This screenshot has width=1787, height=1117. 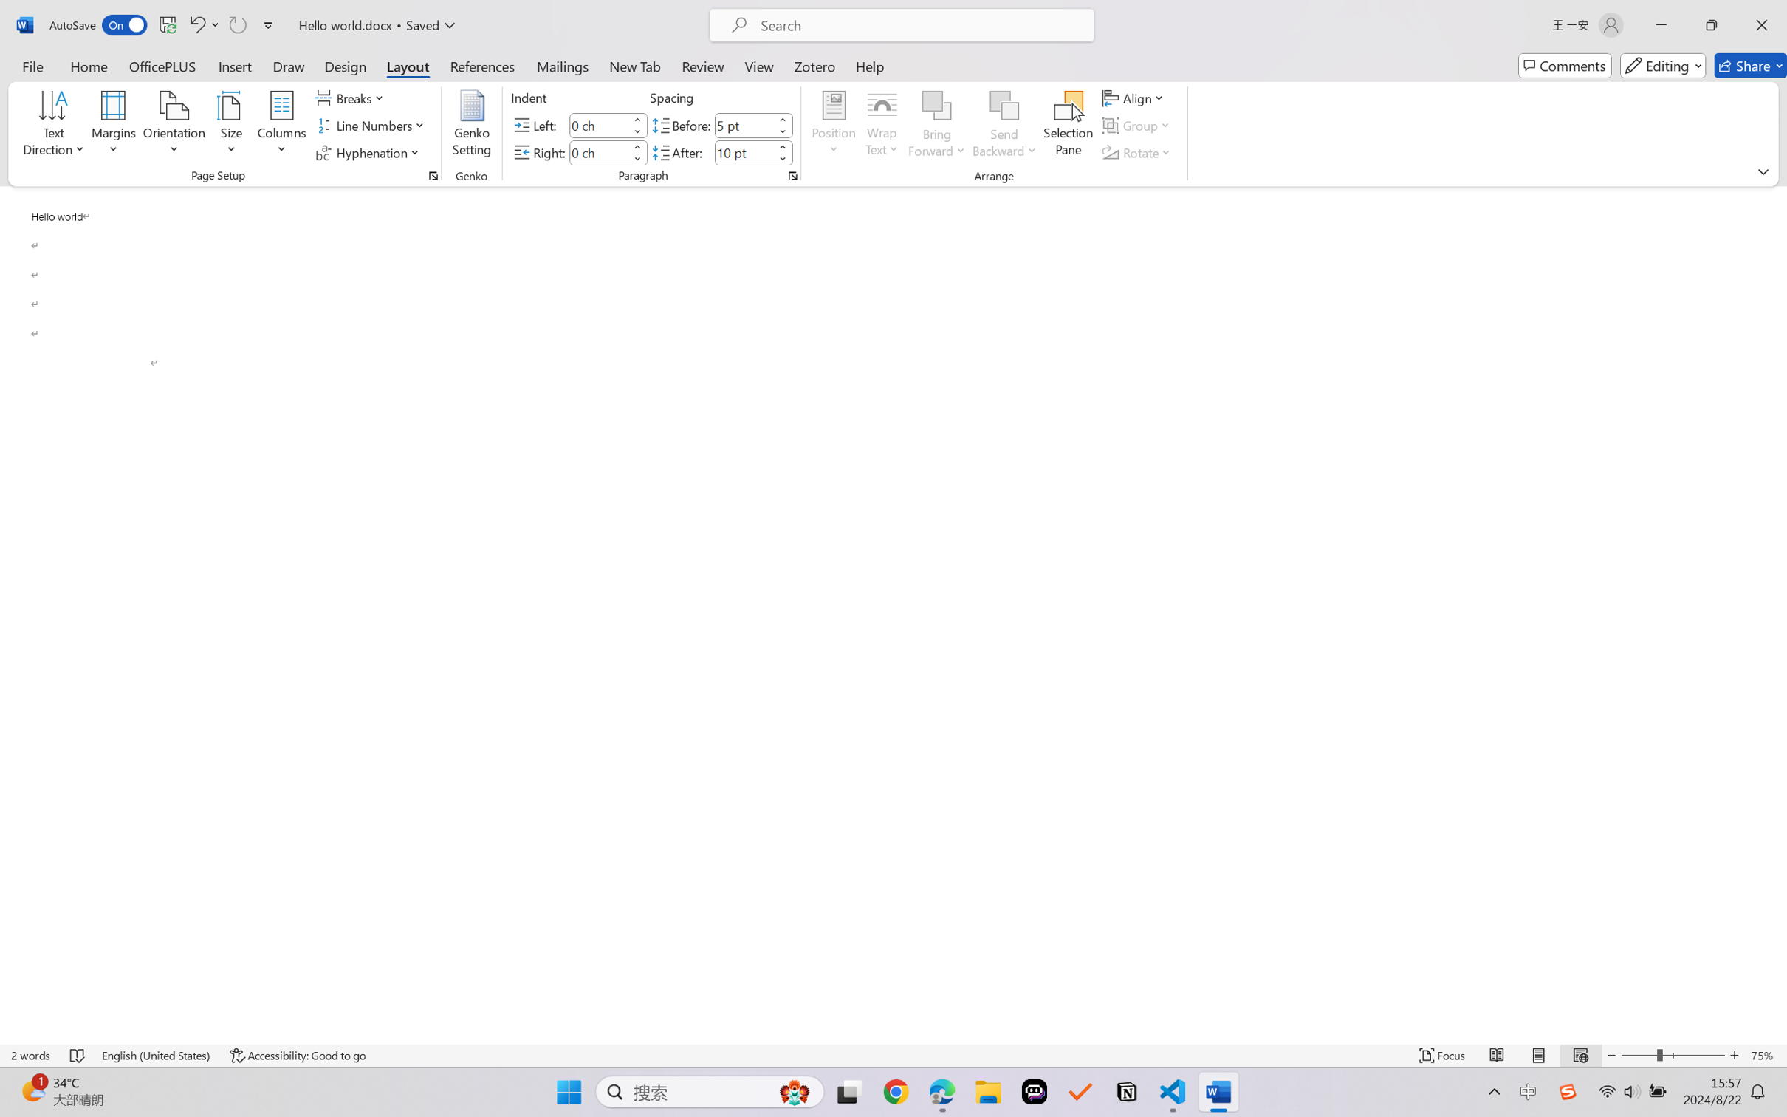 What do you see at coordinates (598, 151) in the screenshot?
I see `'Indent Right'` at bounding box center [598, 151].